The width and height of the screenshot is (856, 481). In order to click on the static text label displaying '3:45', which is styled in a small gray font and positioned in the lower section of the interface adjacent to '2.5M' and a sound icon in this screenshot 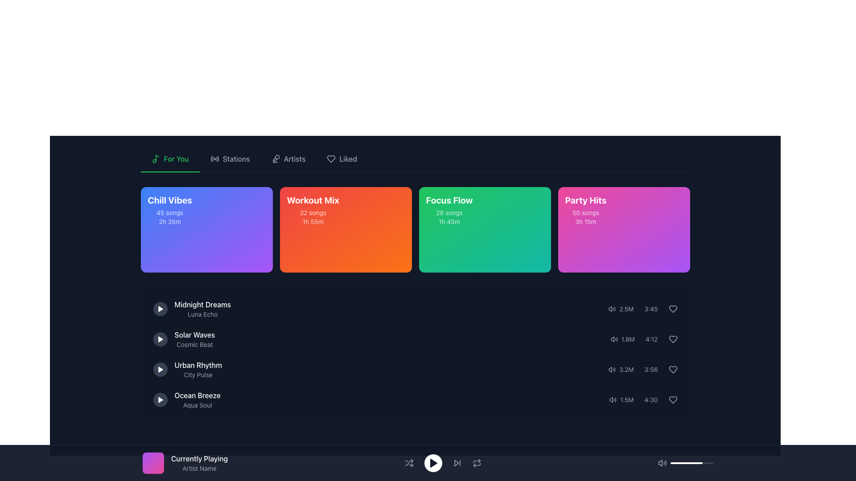, I will do `click(651, 309)`.